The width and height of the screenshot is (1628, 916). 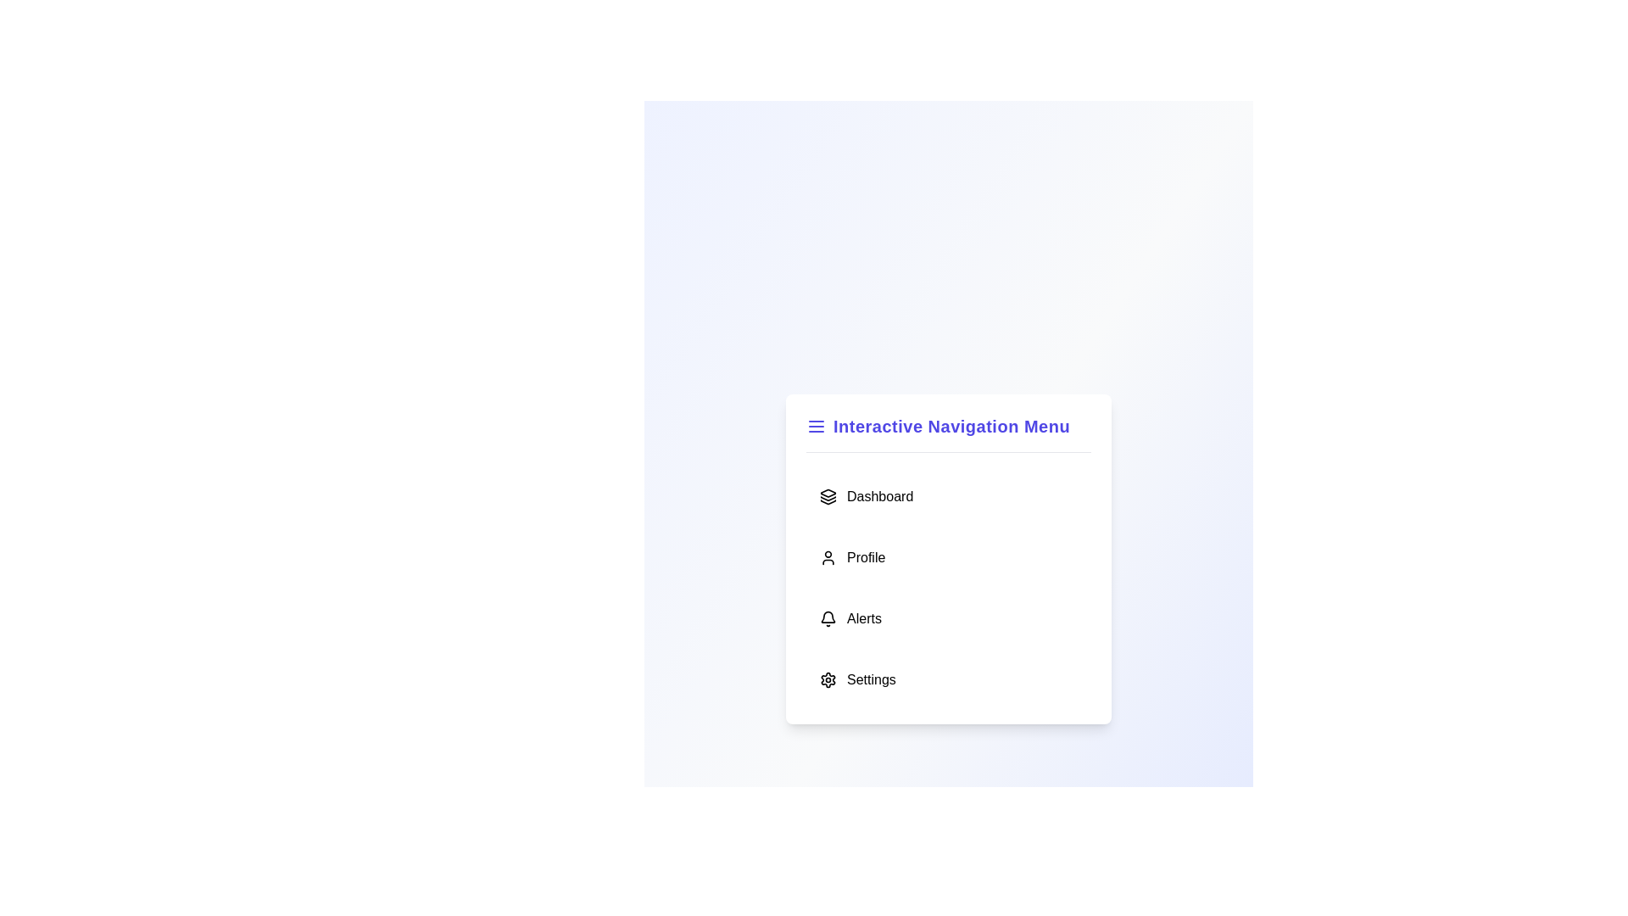 I want to click on the menu item Settings by clicking on it, so click(x=947, y=679).